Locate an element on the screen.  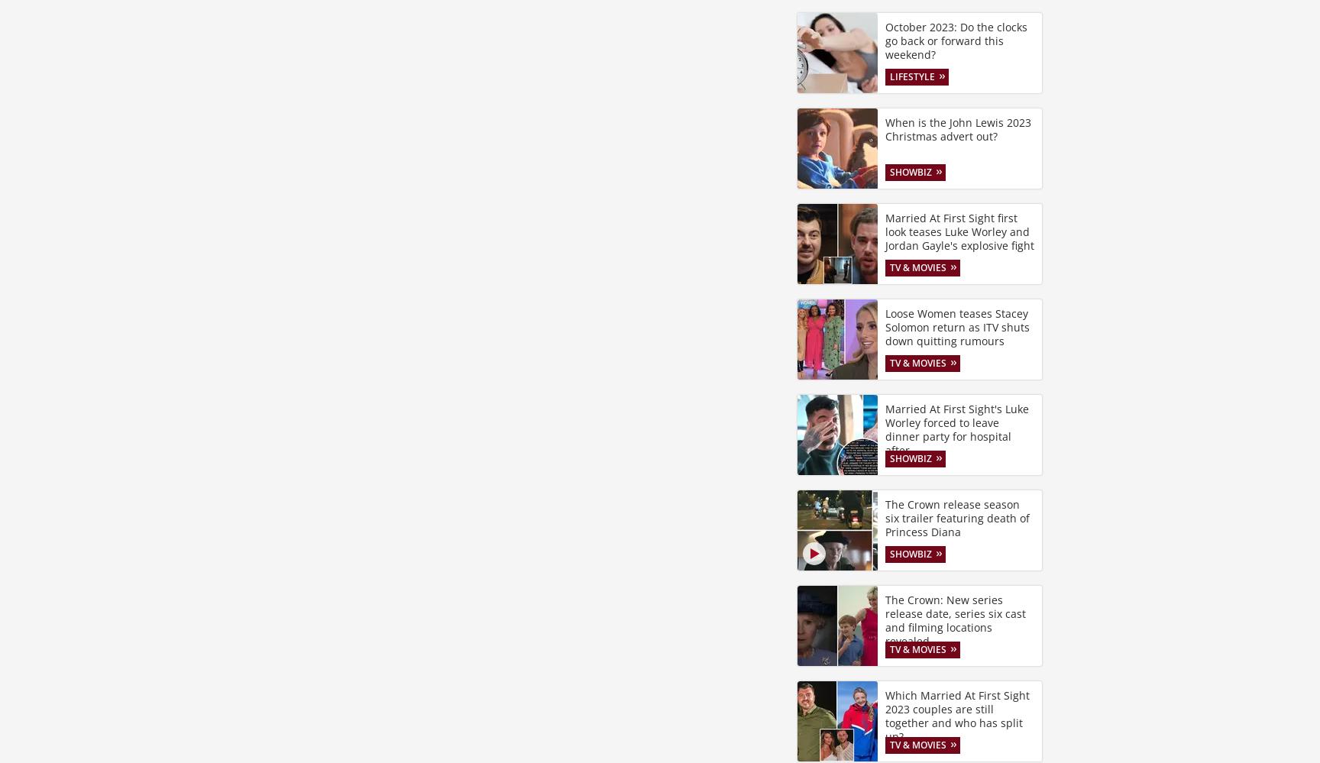
'October 2023: Do the clocks go back or forward this weekend?' is located at coordinates (955, 40).